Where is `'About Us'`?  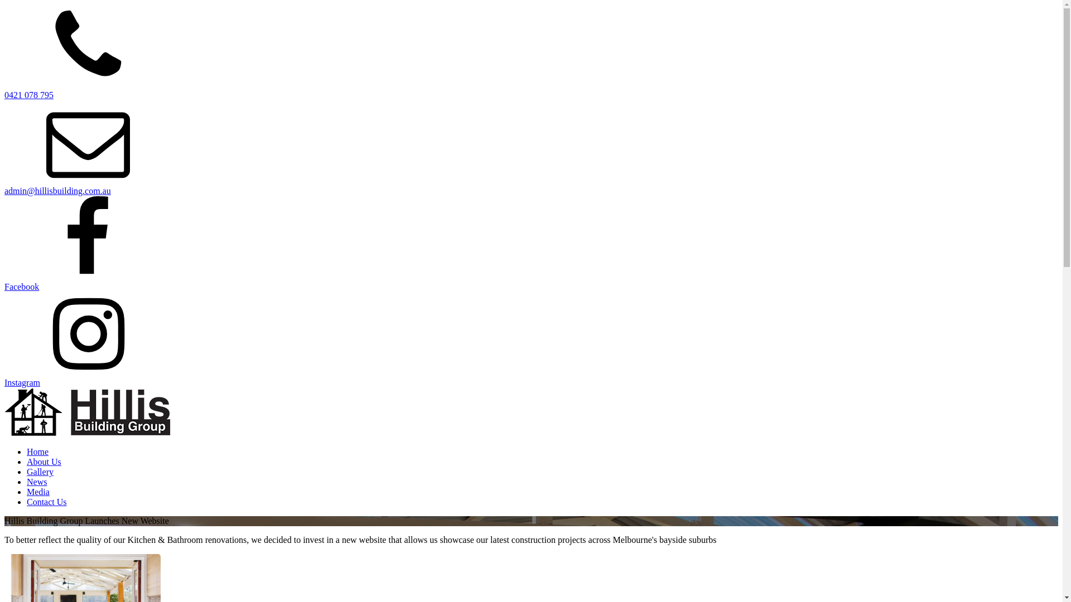 'About Us' is located at coordinates (44, 462).